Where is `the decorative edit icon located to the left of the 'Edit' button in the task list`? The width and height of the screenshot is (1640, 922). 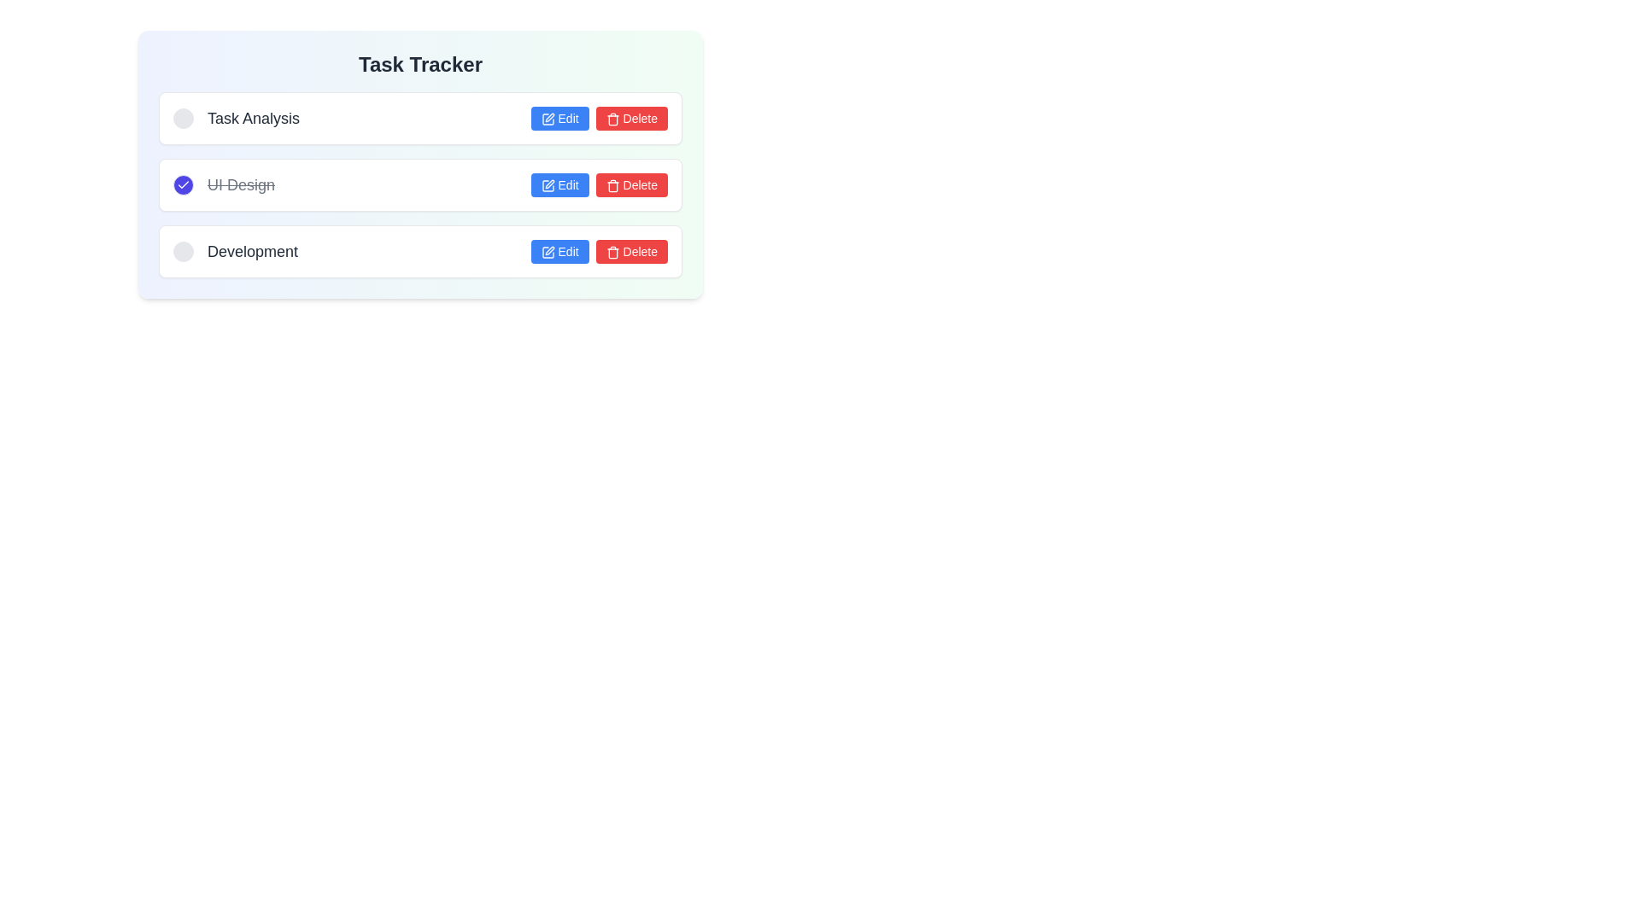 the decorative edit icon located to the left of the 'Edit' button in the task list is located at coordinates (548, 119).